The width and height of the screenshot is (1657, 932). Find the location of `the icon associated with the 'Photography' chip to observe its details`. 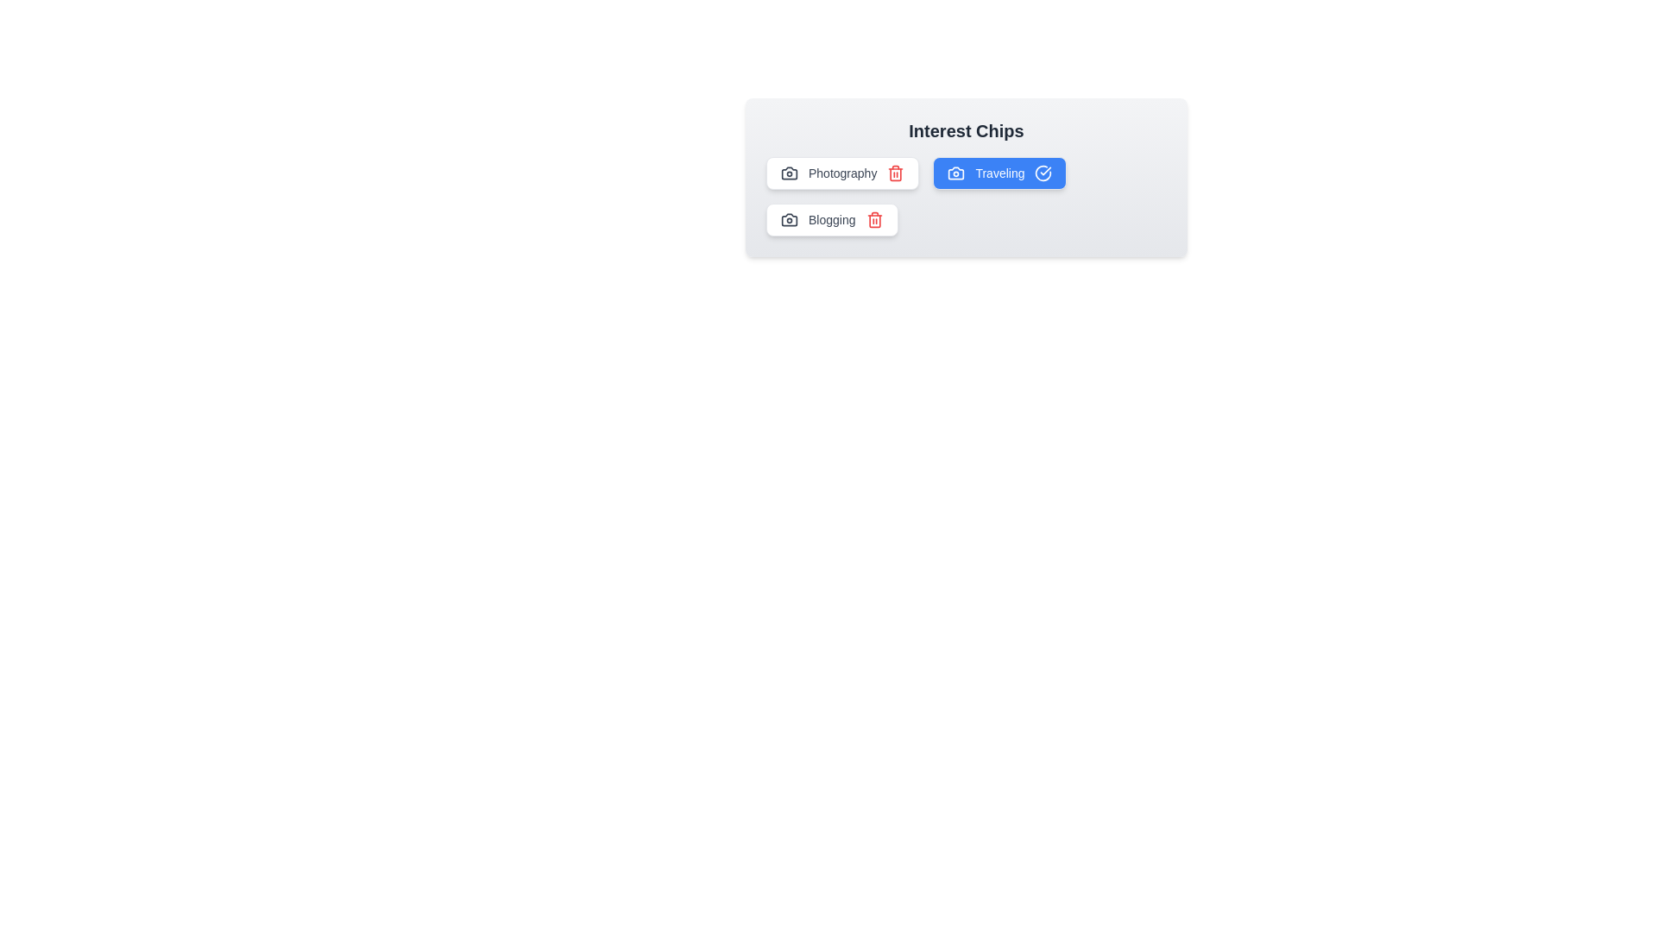

the icon associated with the 'Photography' chip to observe its details is located at coordinates (789, 173).